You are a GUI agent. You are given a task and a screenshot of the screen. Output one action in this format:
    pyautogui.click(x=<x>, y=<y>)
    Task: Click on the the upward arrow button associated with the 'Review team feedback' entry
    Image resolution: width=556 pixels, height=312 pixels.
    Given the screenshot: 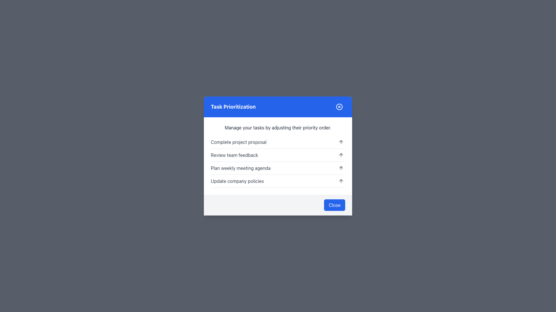 What is the action you would take?
    pyautogui.click(x=341, y=155)
    